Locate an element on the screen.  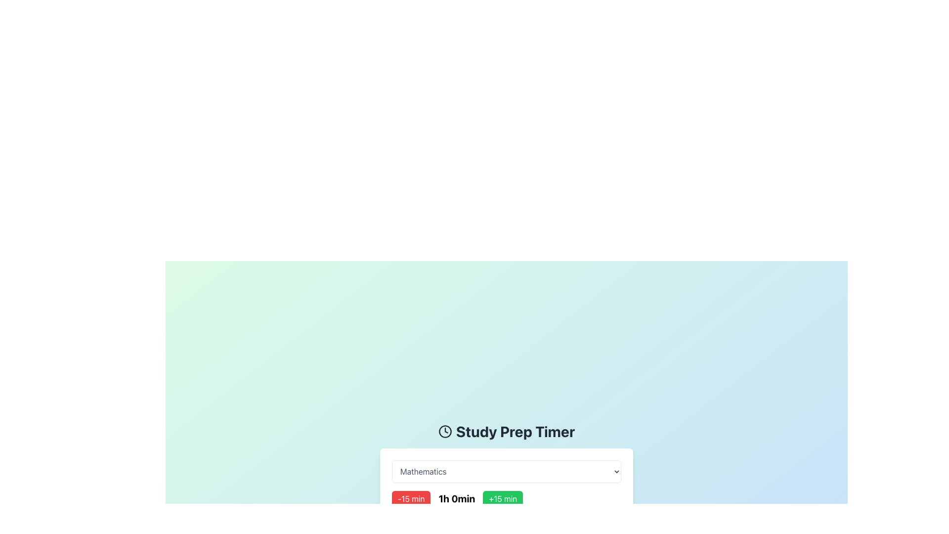
the circular SVG shape that represents the outer circle of the clock icon, located prominently in the upper center part of the interface next to the title text 'Study Prep Timer' is located at coordinates (444, 431).